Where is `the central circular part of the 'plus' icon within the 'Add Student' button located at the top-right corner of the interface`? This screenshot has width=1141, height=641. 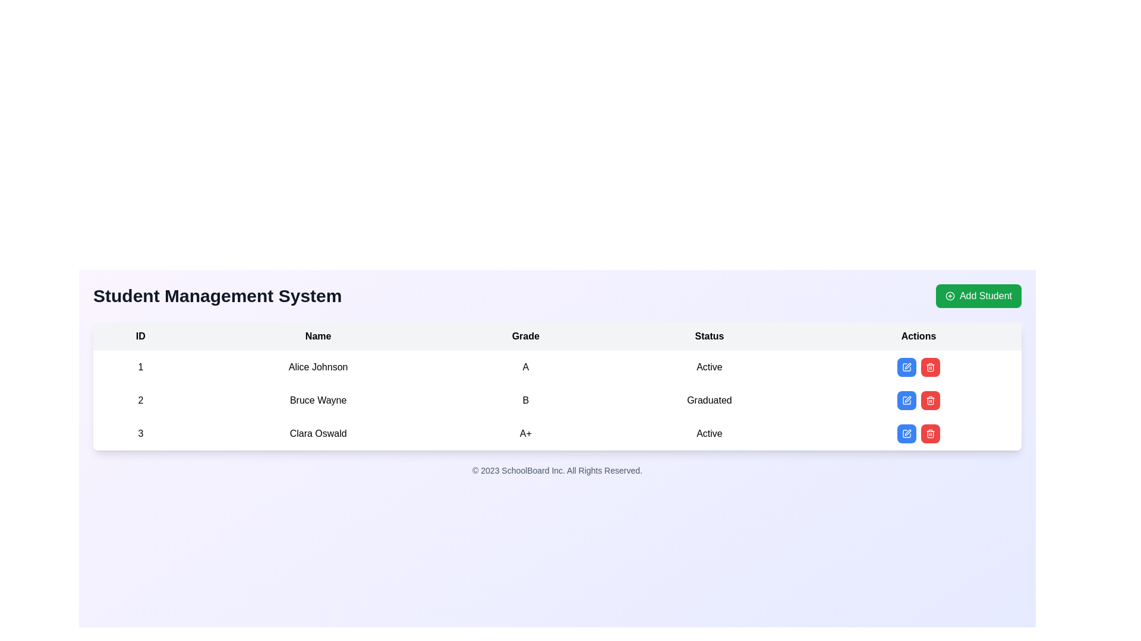 the central circular part of the 'plus' icon within the 'Add Student' button located at the top-right corner of the interface is located at coordinates (949, 295).